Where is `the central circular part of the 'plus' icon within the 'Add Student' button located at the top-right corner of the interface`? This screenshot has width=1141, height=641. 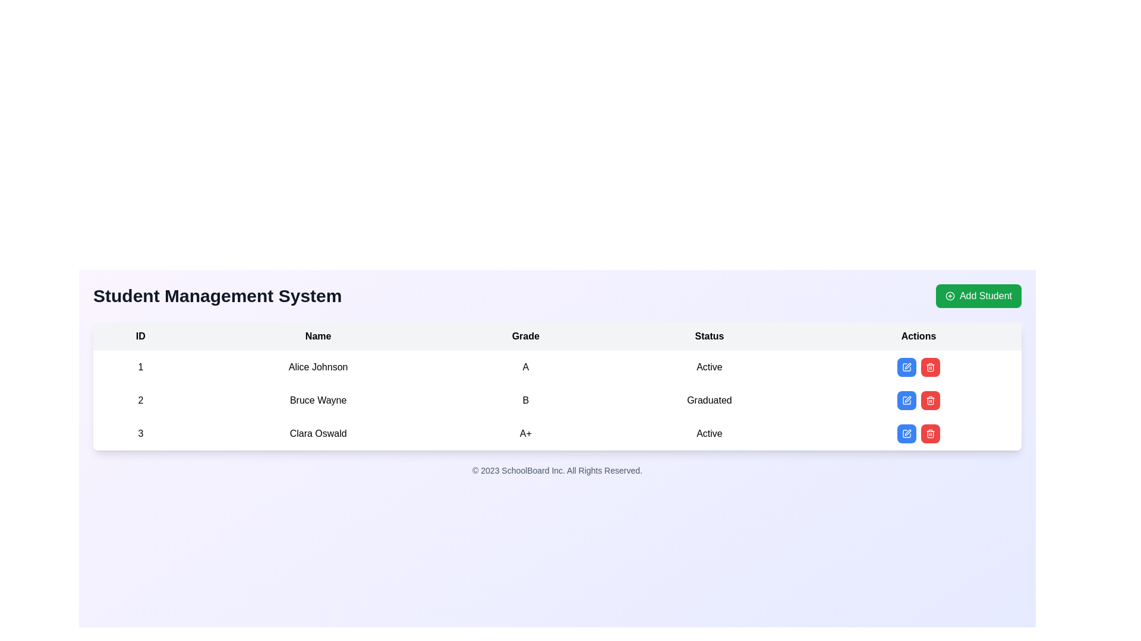 the central circular part of the 'plus' icon within the 'Add Student' button located at the top-right corner of the interface is located at coordinates (949, 295).